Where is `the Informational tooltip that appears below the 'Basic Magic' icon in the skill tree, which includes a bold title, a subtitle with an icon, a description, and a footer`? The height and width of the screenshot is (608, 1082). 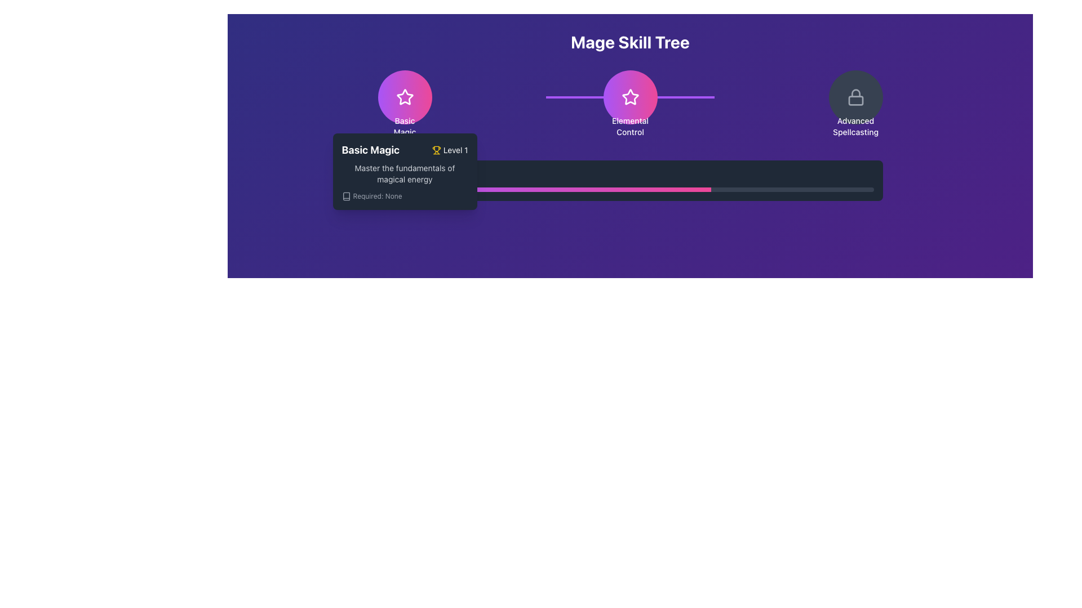 the Informational tooltip that appears below the 'Basic Magic' icon in the skill tree, which includes a bold title, a subtitle with an icon, a description, and a footer is located at coordinates (405, 171).